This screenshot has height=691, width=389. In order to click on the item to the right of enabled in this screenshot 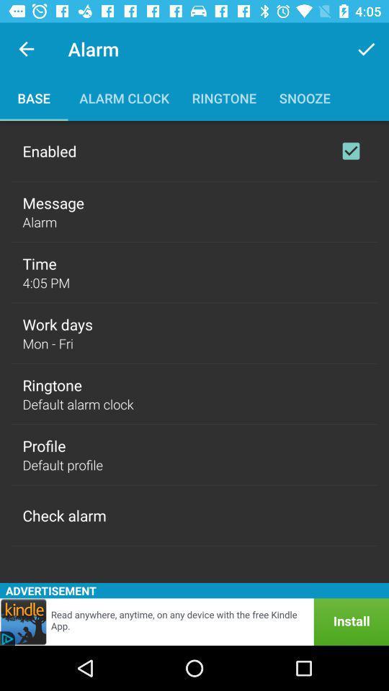, I will do `click(350, 151)`.